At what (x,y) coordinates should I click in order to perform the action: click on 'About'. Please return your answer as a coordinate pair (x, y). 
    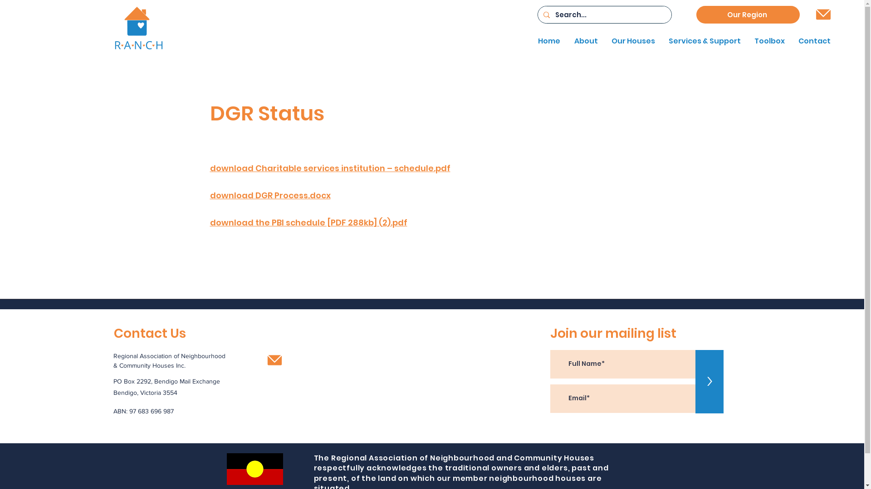
    Looking at the image, I should click on (583, 41).